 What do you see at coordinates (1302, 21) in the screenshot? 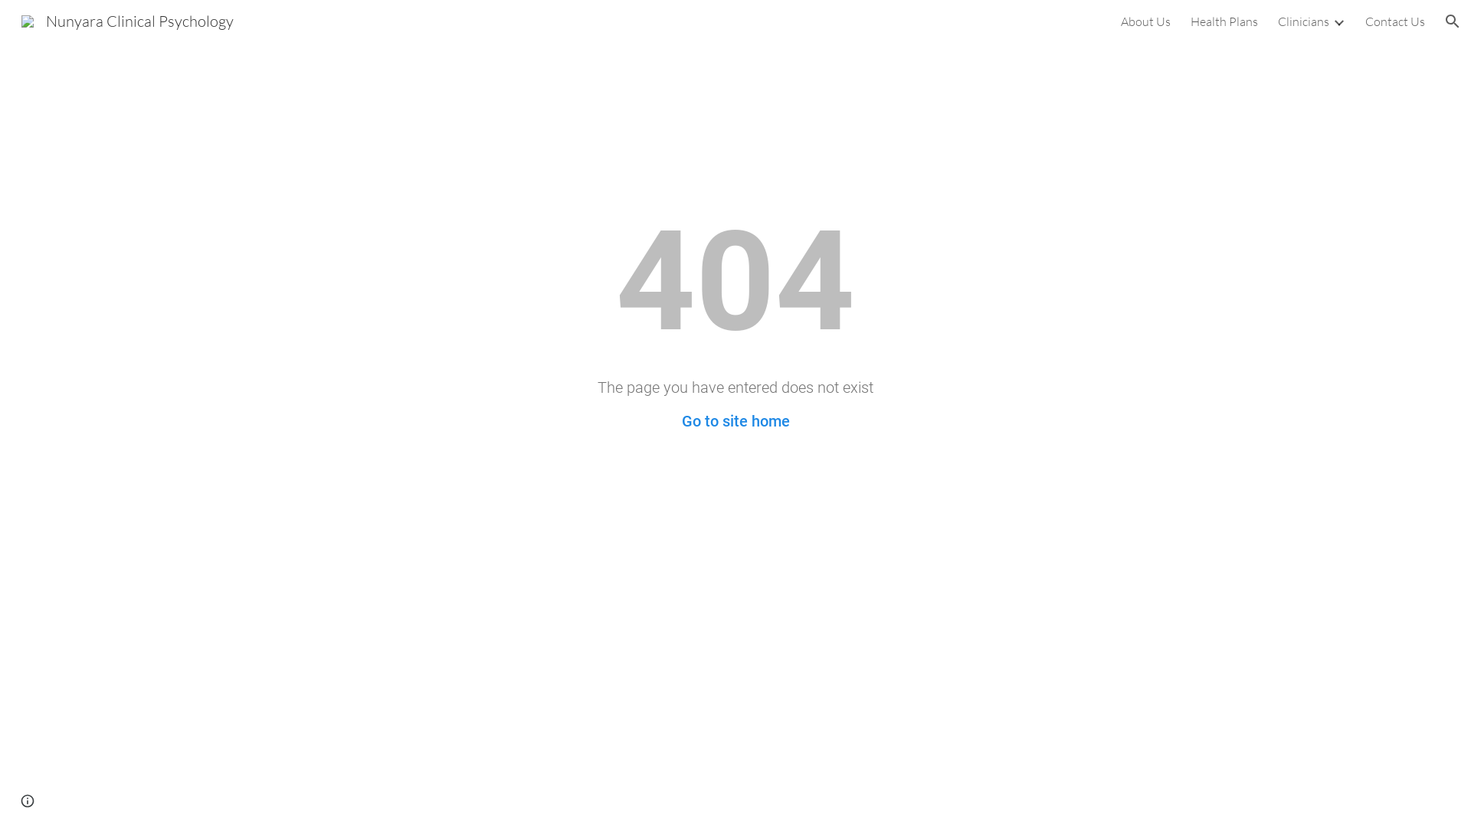
I see `'Clinicians'` at bounding box center [1302, 21].